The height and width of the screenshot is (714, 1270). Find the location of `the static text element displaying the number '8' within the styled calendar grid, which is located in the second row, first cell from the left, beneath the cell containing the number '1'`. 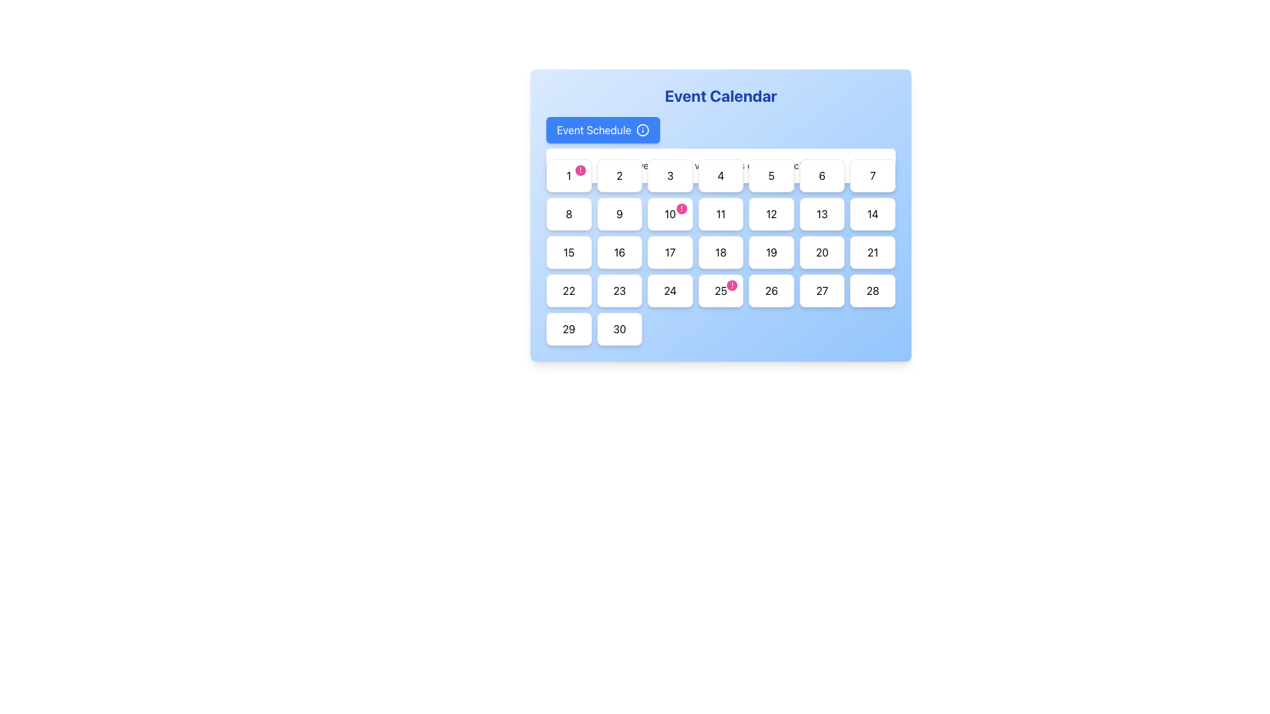

the static text element displaying the number '8' within the styled calendar grid, which is located in the second row, first cell from the left, beneath the cell containing the number '1' is located at coordinates (569, 214).